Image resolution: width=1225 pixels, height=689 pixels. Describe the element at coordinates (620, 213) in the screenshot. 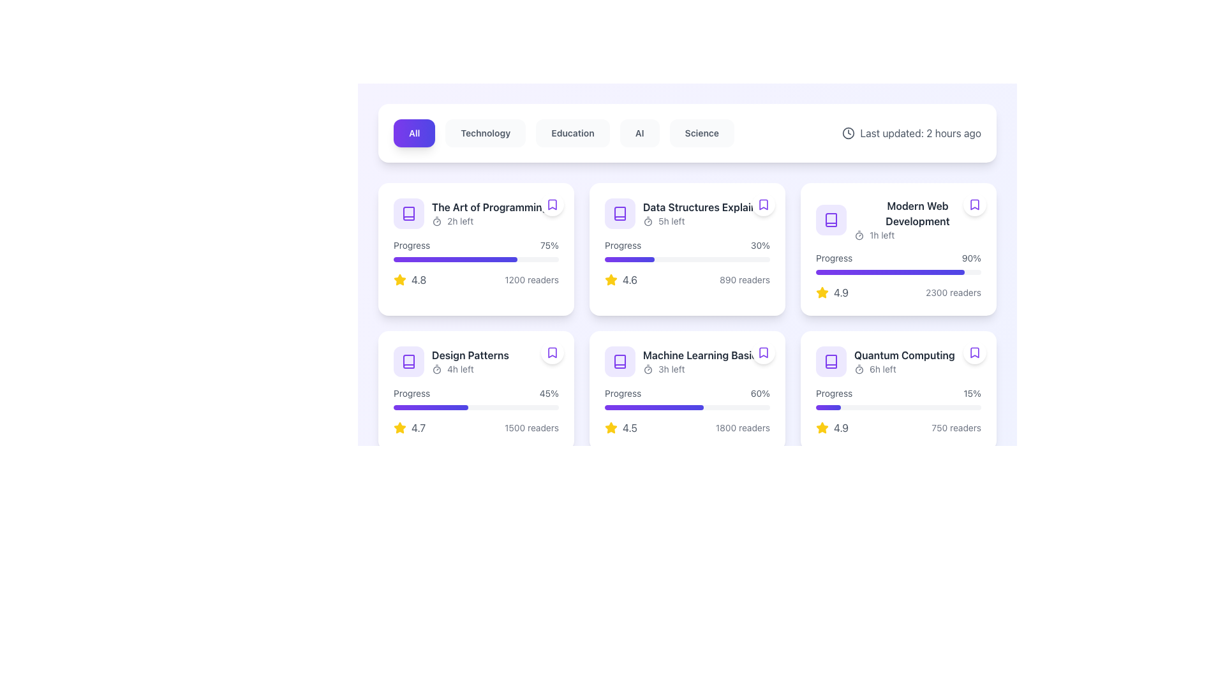

I see `the book icon in the second card of the content grid layout to interact with the item titled 'Data Structures Explained'` at that location.